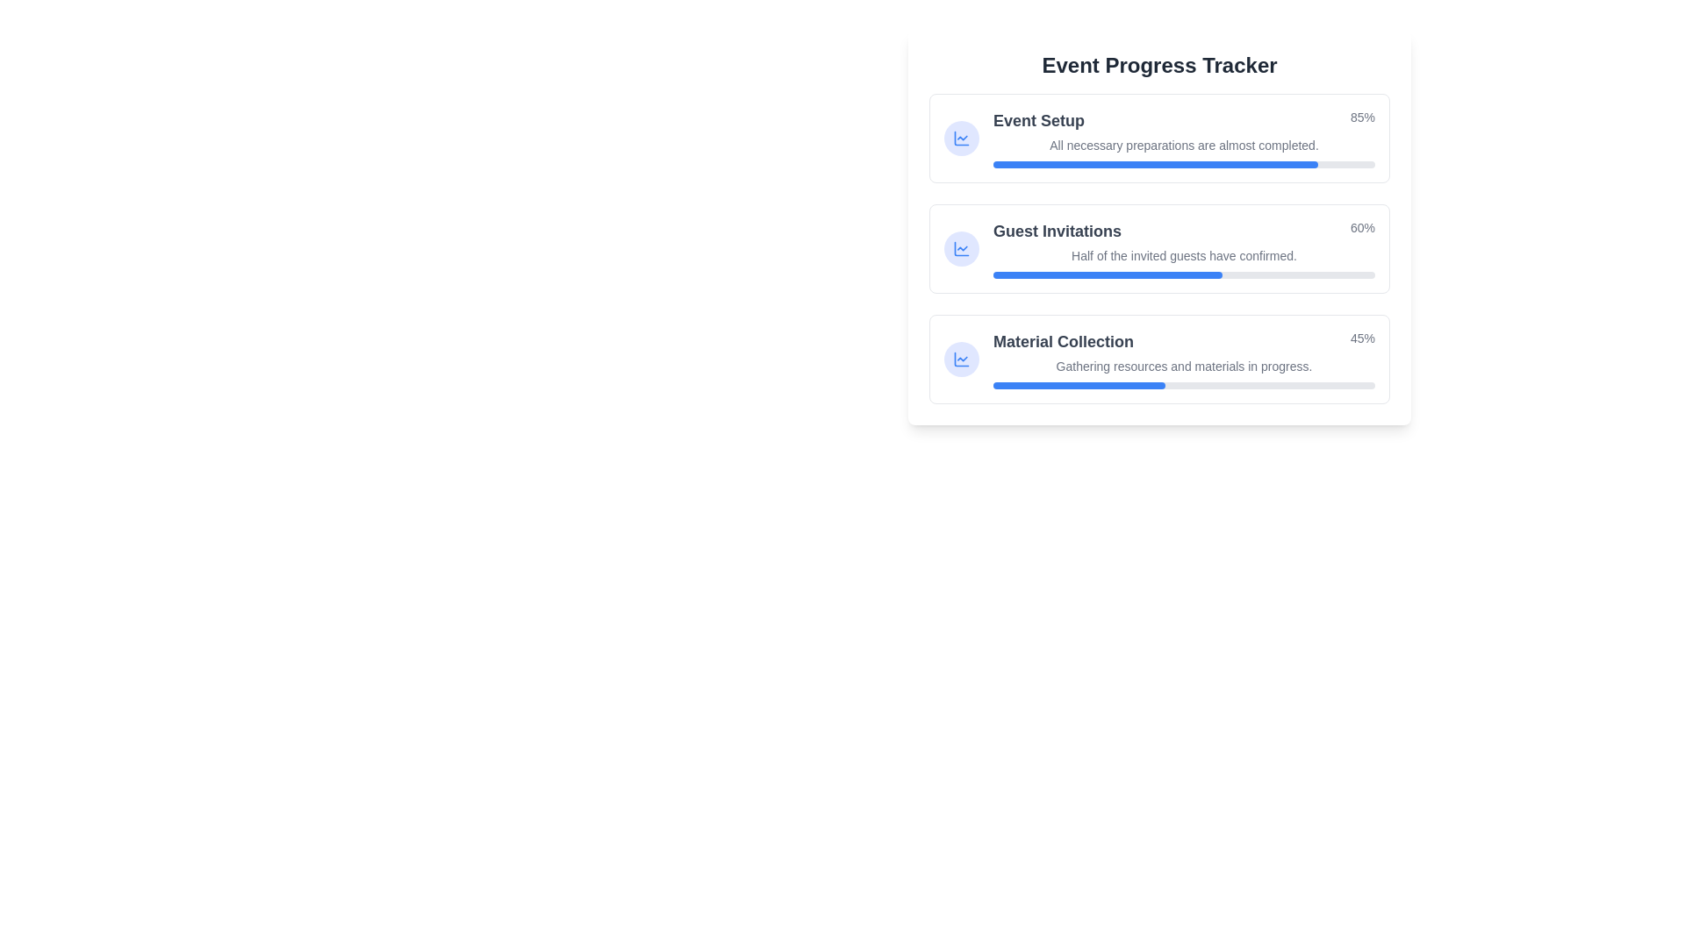 The width and height of the screenshot is (1685, 947). I want to click on the Progress Bar that visually represents the progress of the 'Event Setup' task, indicating an 85% completion level, so click(1155, 165).